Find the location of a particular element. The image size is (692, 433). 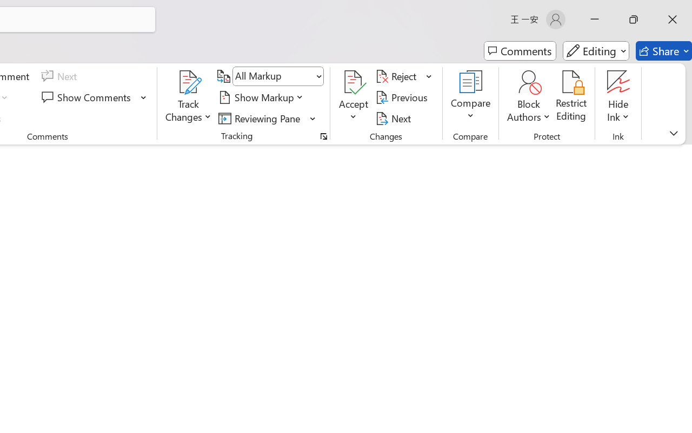

'Ribbon Display Options' is located at coordinates (673, 133).